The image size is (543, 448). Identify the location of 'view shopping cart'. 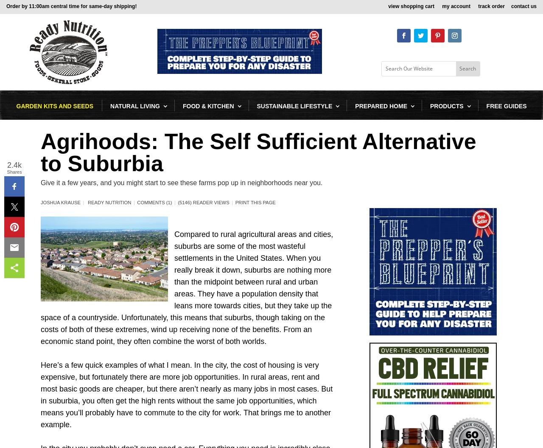
(412, 7).